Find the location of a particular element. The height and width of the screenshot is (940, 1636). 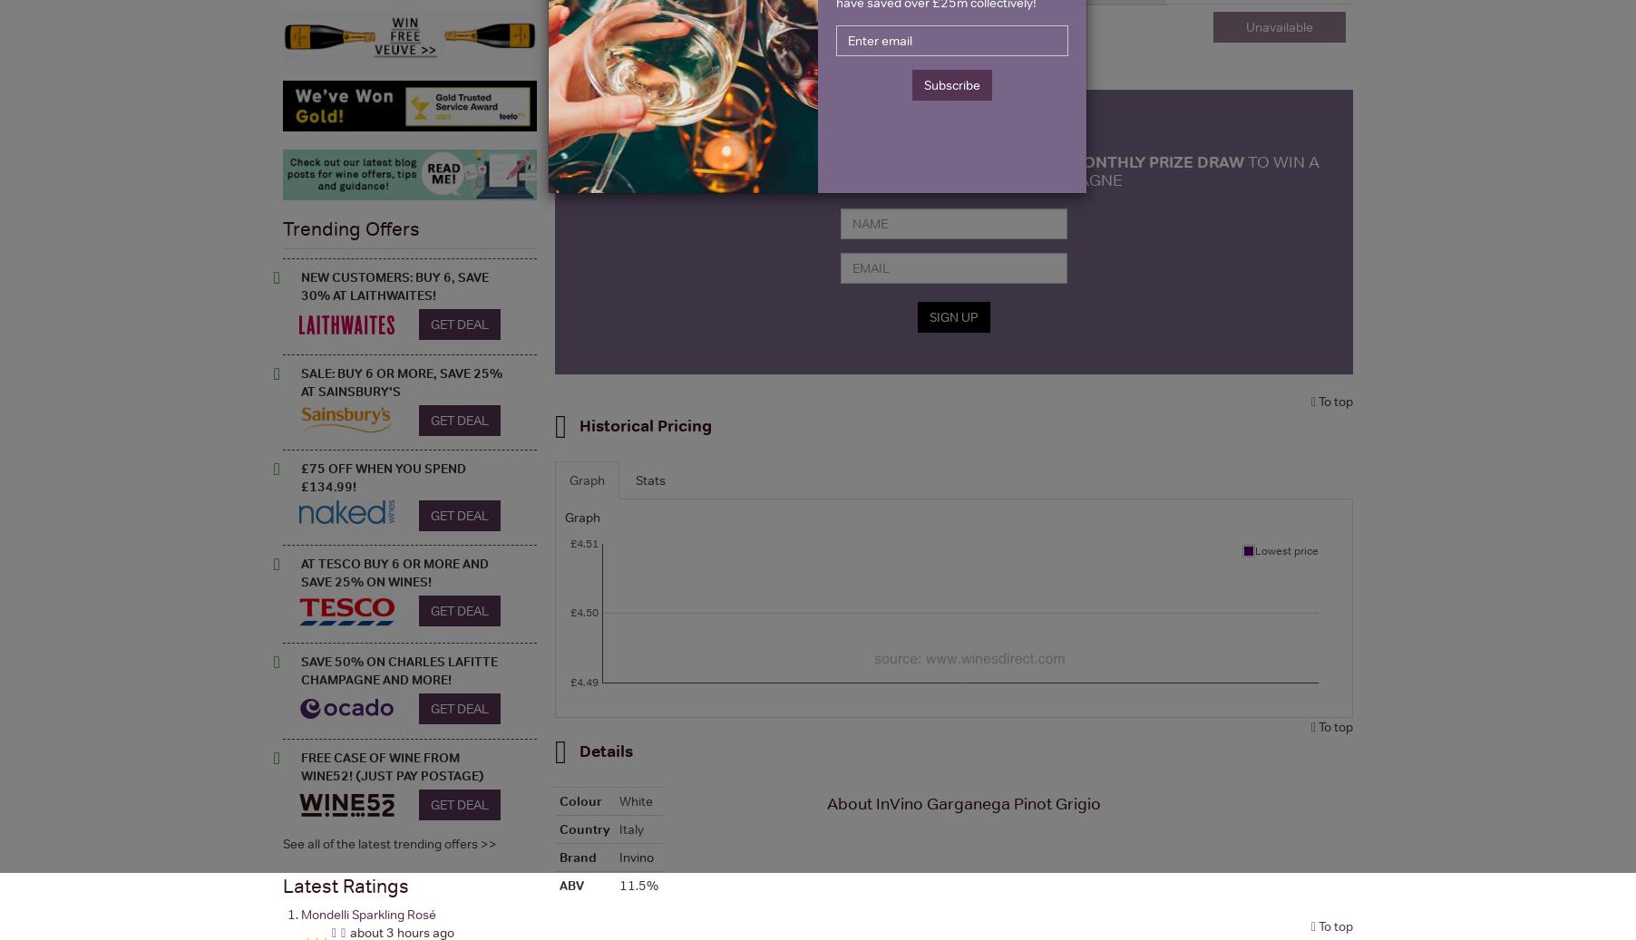

'Latest Ratings' is located at coordinates (346, 885).